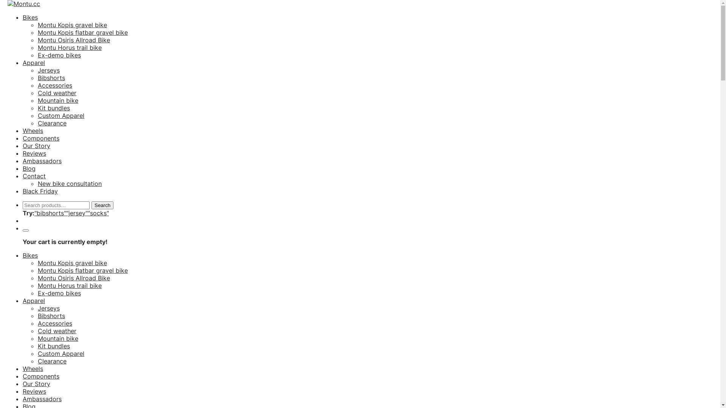  Describe the element at coordinates (37, 70) in the screenshot. I see `'Jerseys'` at that location.